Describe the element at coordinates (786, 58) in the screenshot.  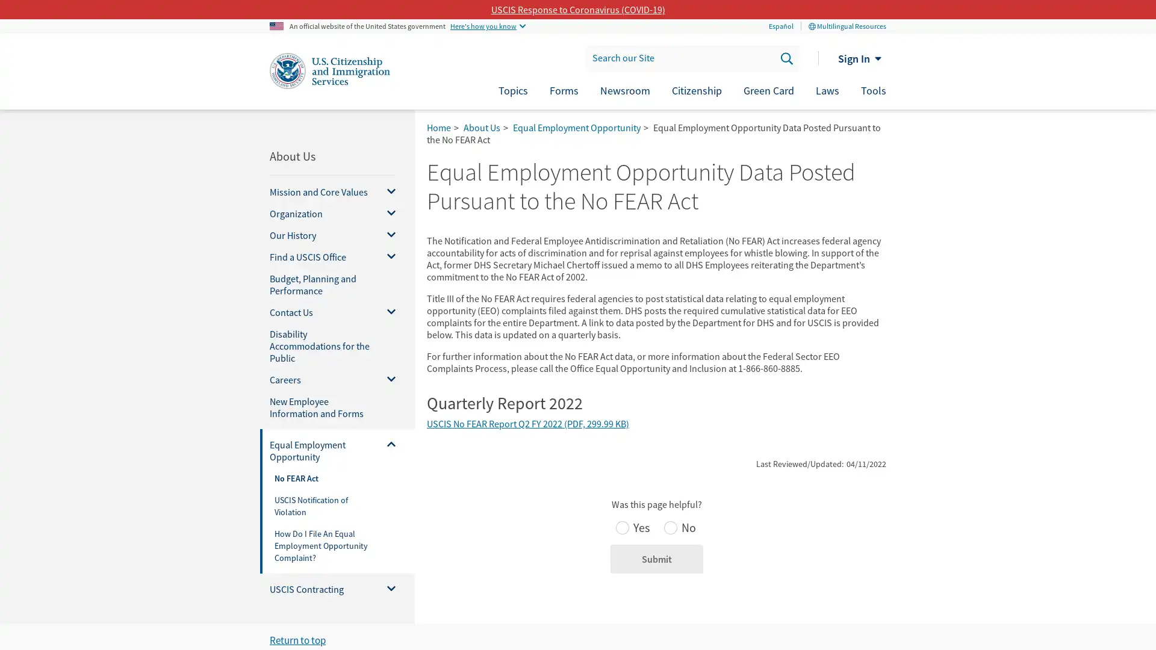
I see `Search` at that location.